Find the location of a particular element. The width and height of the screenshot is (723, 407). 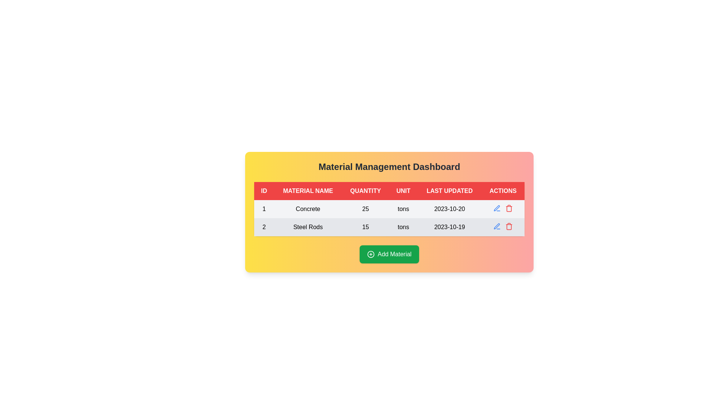

the bold text label displaying 'MATERIAL NAME', which is the second column header in the table, with a red background is located at coordinates (308, 190).